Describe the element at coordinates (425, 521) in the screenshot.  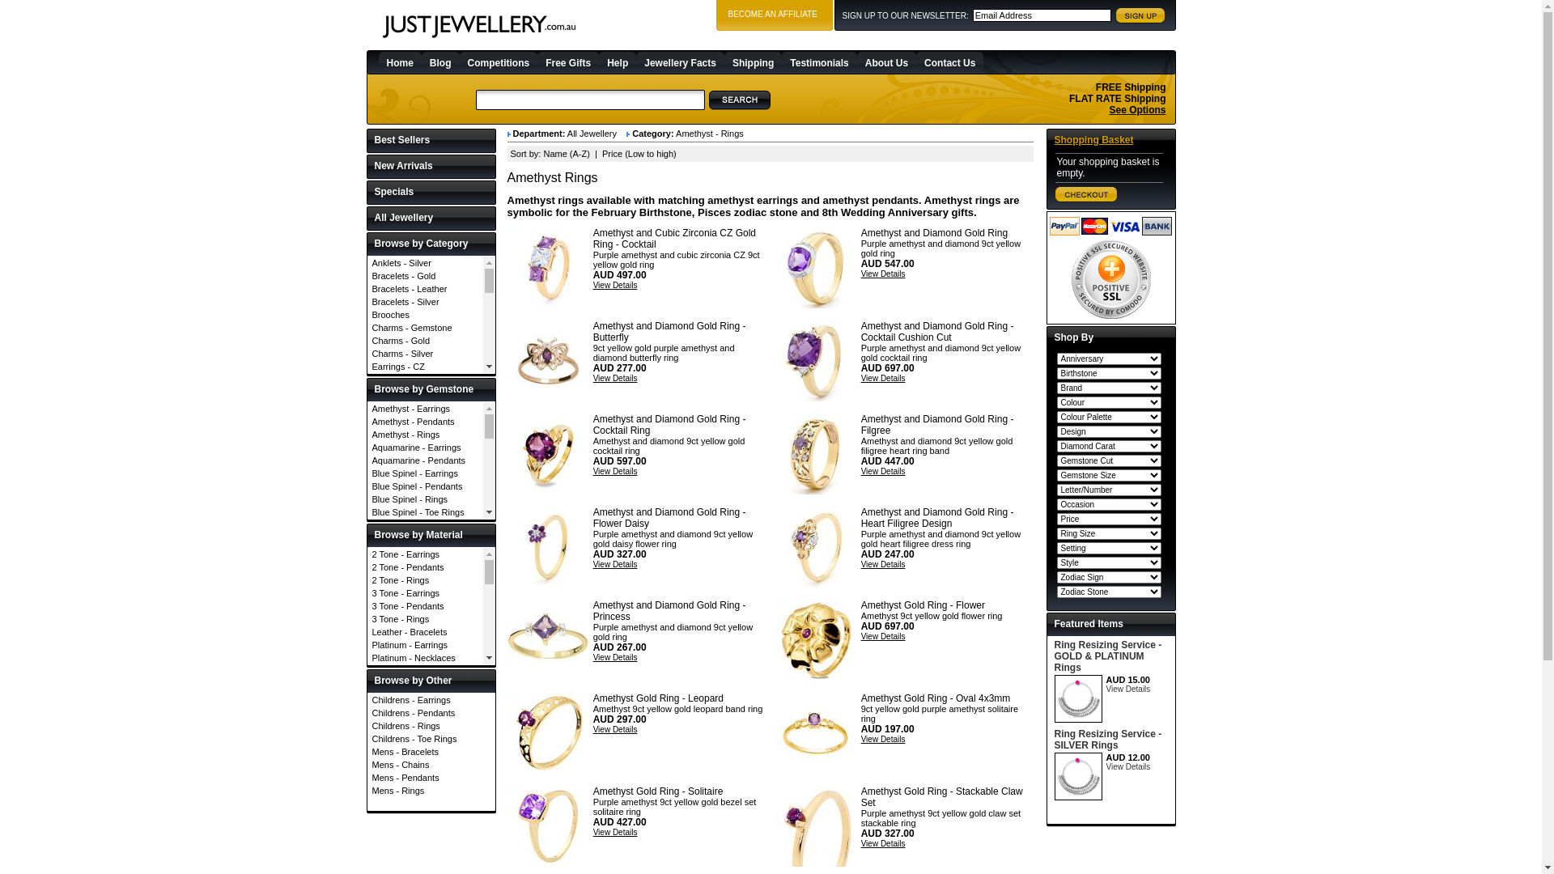
I see `'Necklaces - Silver'` at that location.